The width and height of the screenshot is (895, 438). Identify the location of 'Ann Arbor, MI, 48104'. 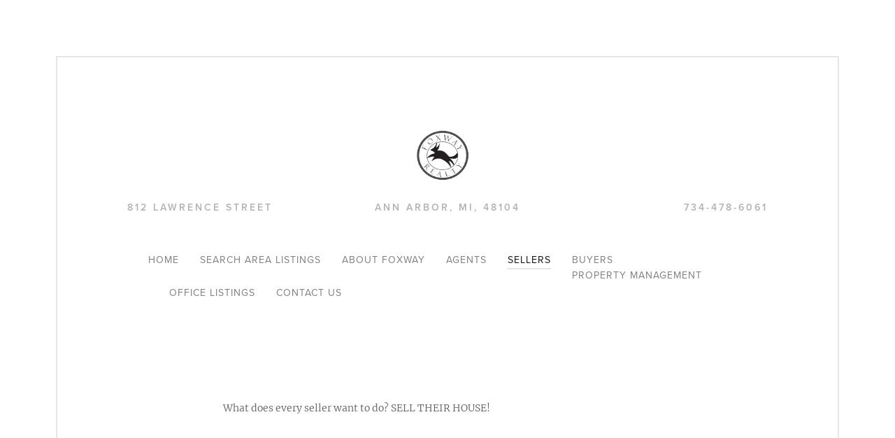
(374, 207).